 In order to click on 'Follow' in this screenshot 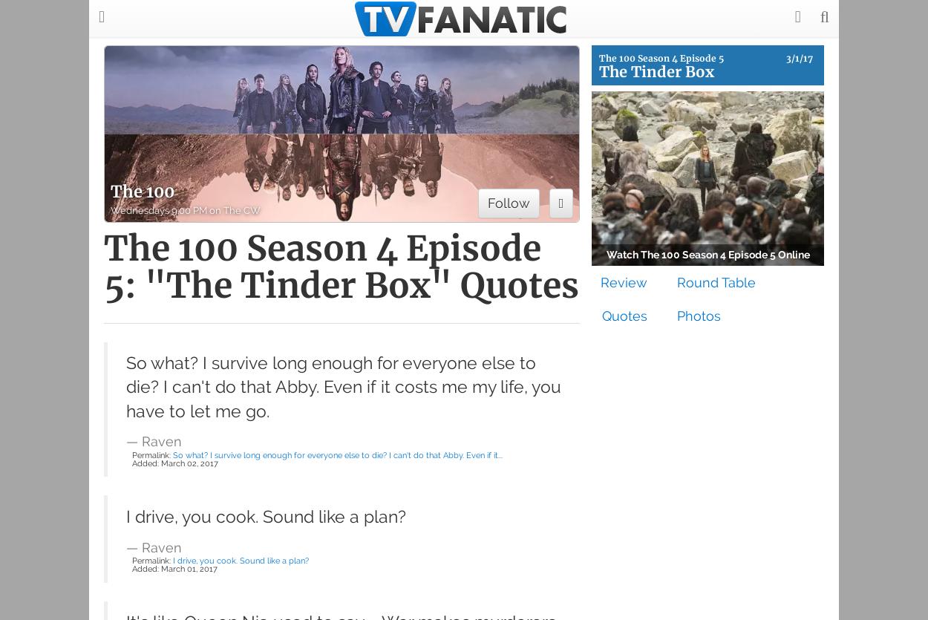, I will do `click(508, 201)`.